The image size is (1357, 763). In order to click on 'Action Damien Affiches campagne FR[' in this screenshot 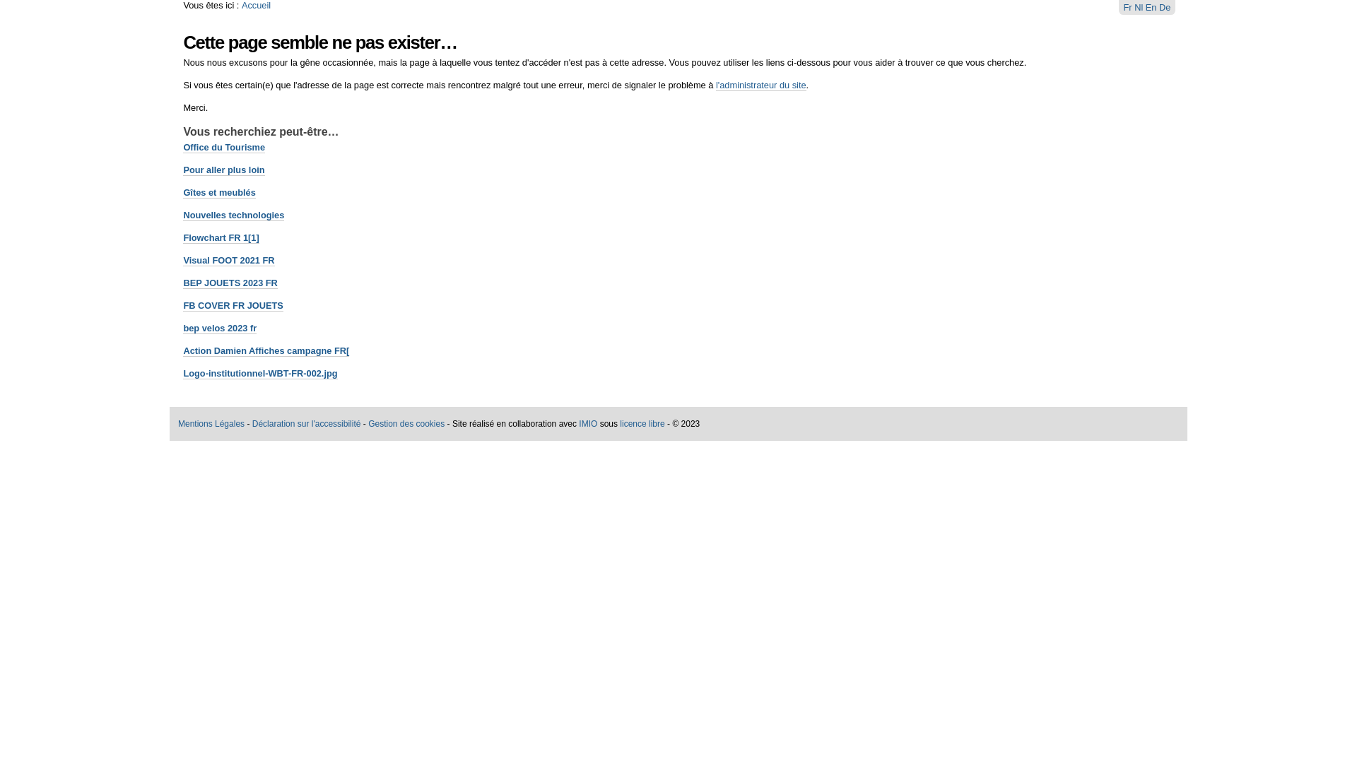, I will do `click(266, 350)`.